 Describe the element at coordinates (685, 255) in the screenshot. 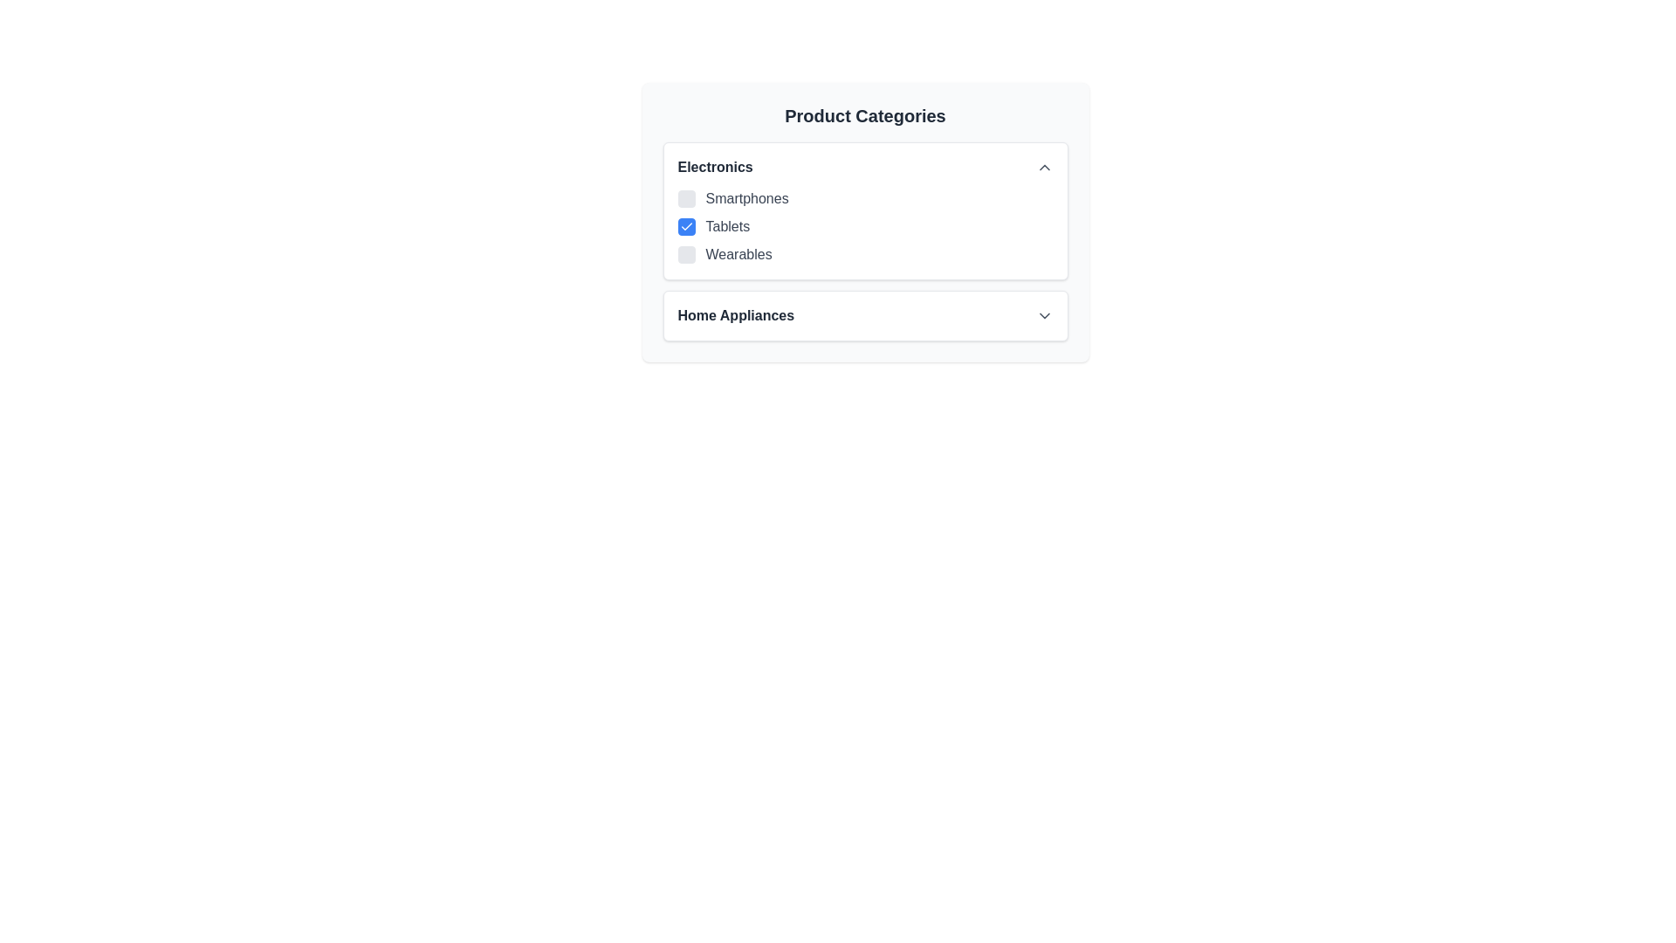

I see `the small square checkbox styled with a border and rounded corners, located to the left of the label 'Wearables', to trigger a tooltip or style change` at that location.